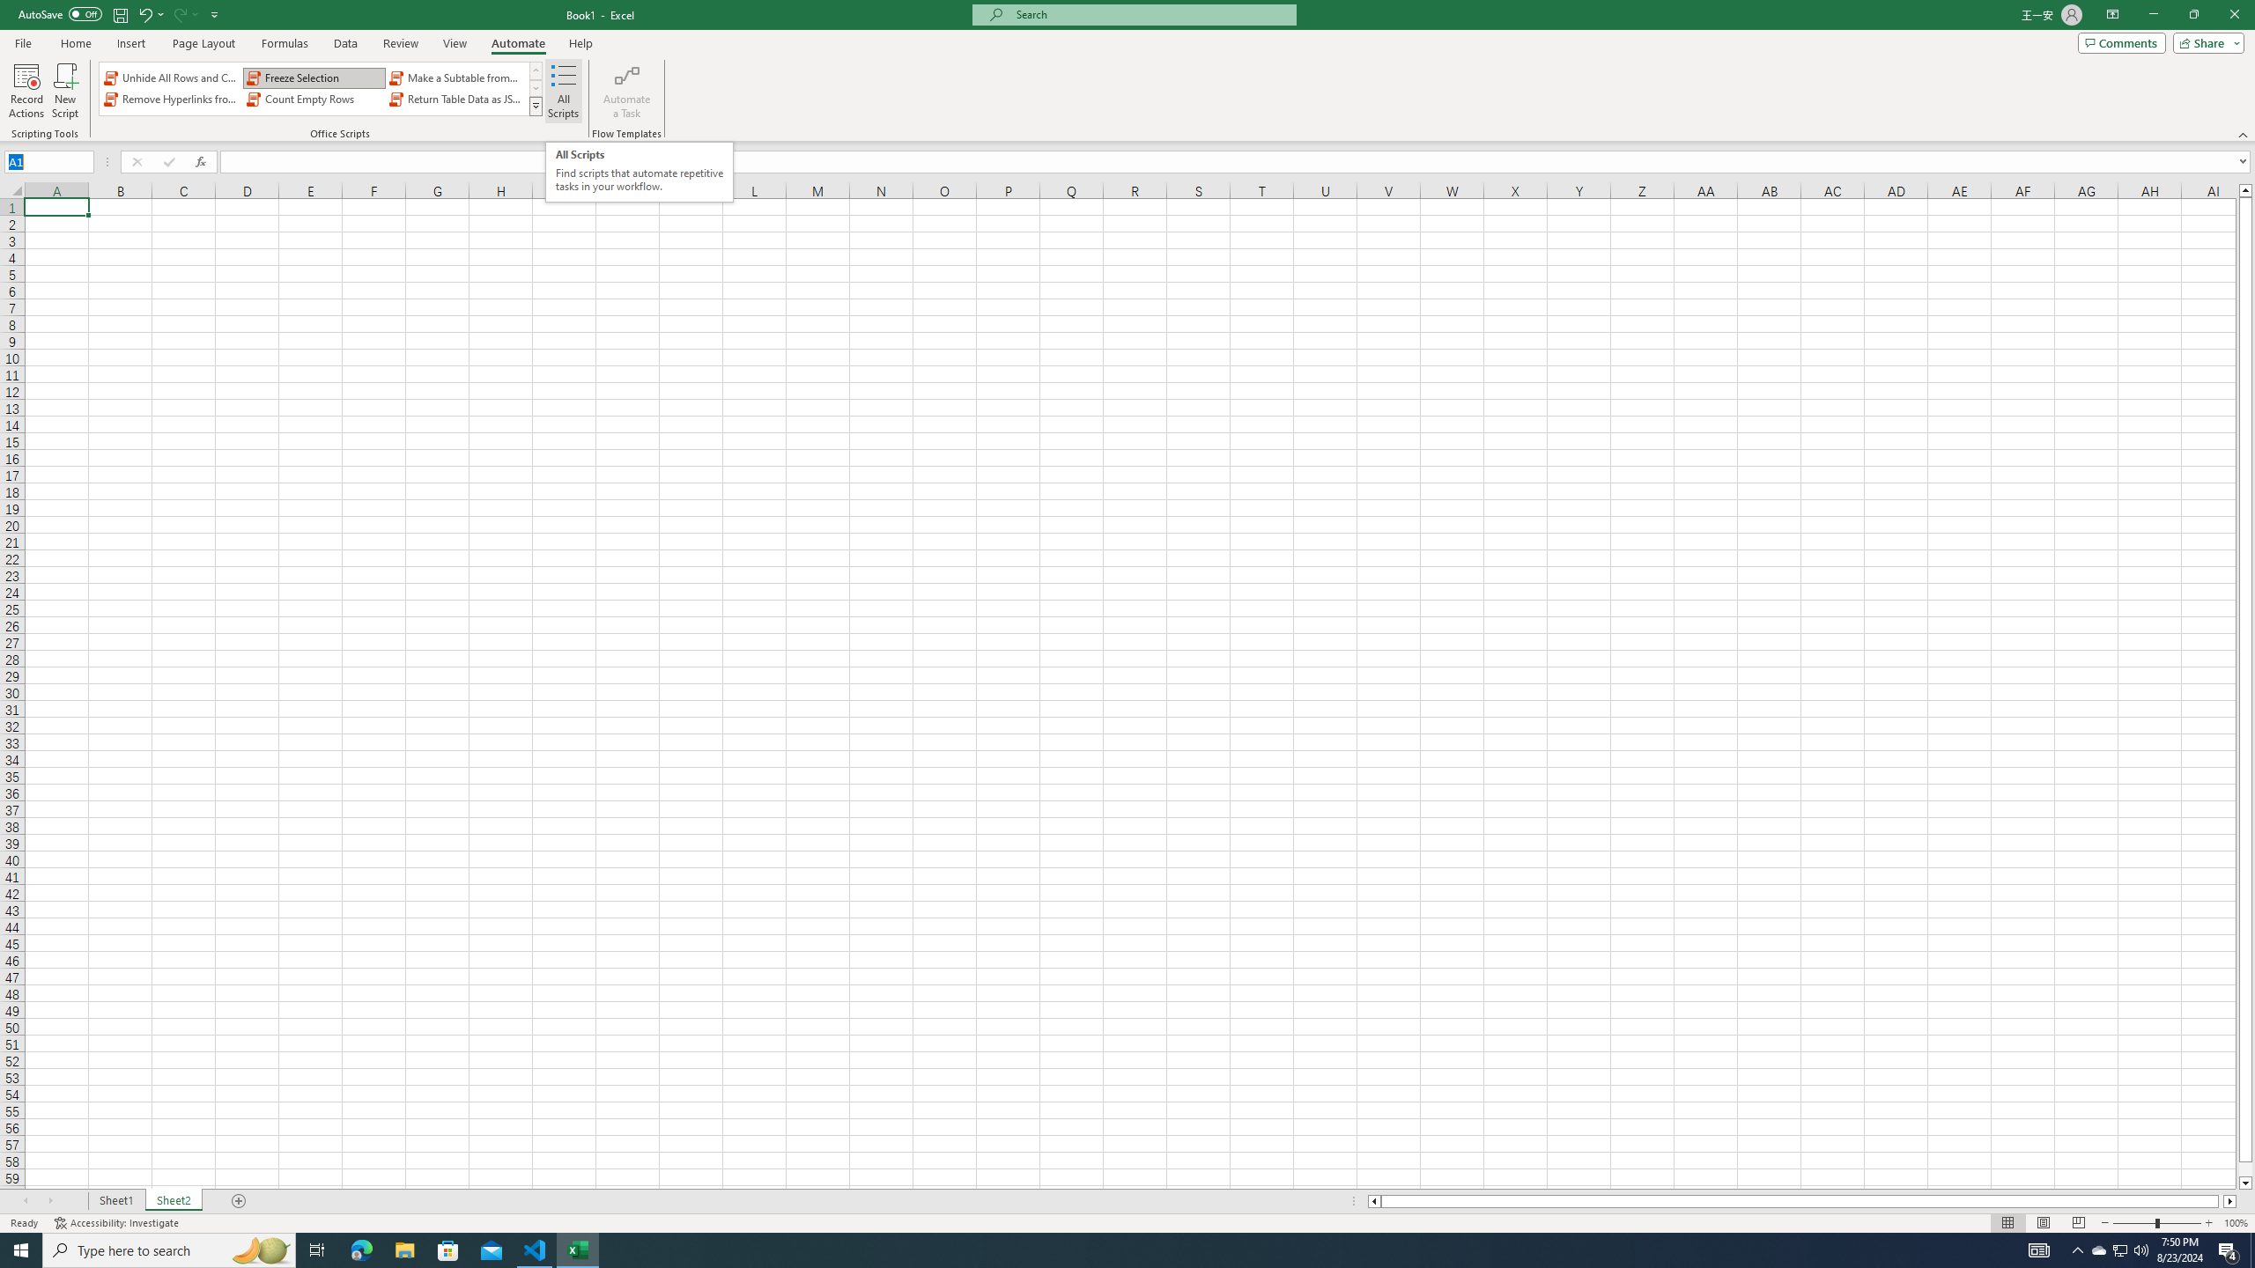 This screenshot has width=2255, height=1268. What do you see at coordinates (2193, 14) in the screenshot?
I see `'Restore Down'` at bounding box center [2193, 14].